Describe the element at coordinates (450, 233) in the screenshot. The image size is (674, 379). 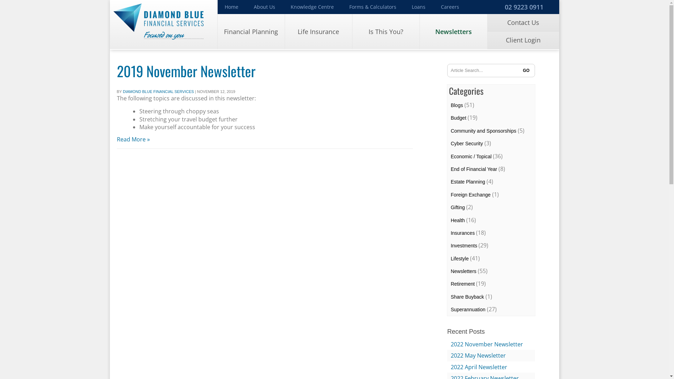
I see `'Insurances'` at that location.